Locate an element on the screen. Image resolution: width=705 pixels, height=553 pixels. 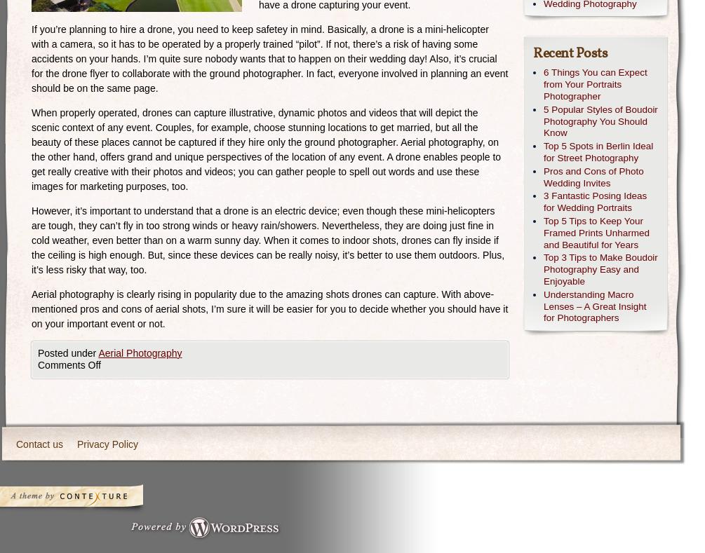
'Pros and Cons of Photo Wedding Invites' is located at coordinates (593, 177).